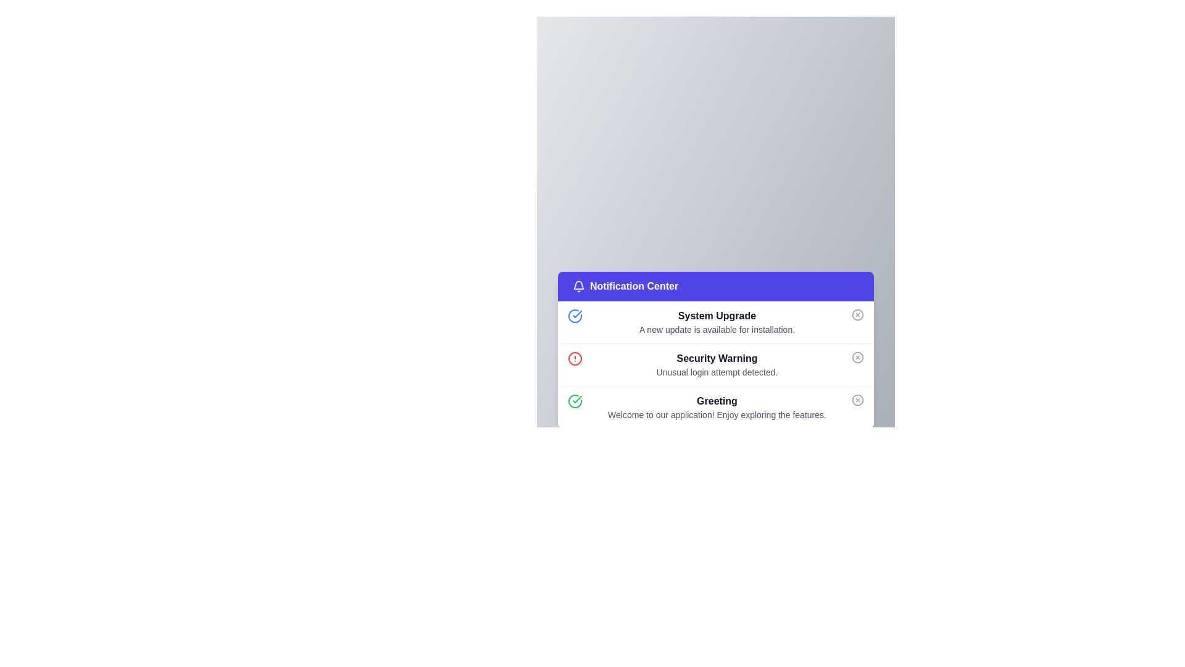  I want to click on the bolded text label 'System Upgrade' located in the Notification Center, which is positioned at the upper part of the notification card, so click(717, 316).